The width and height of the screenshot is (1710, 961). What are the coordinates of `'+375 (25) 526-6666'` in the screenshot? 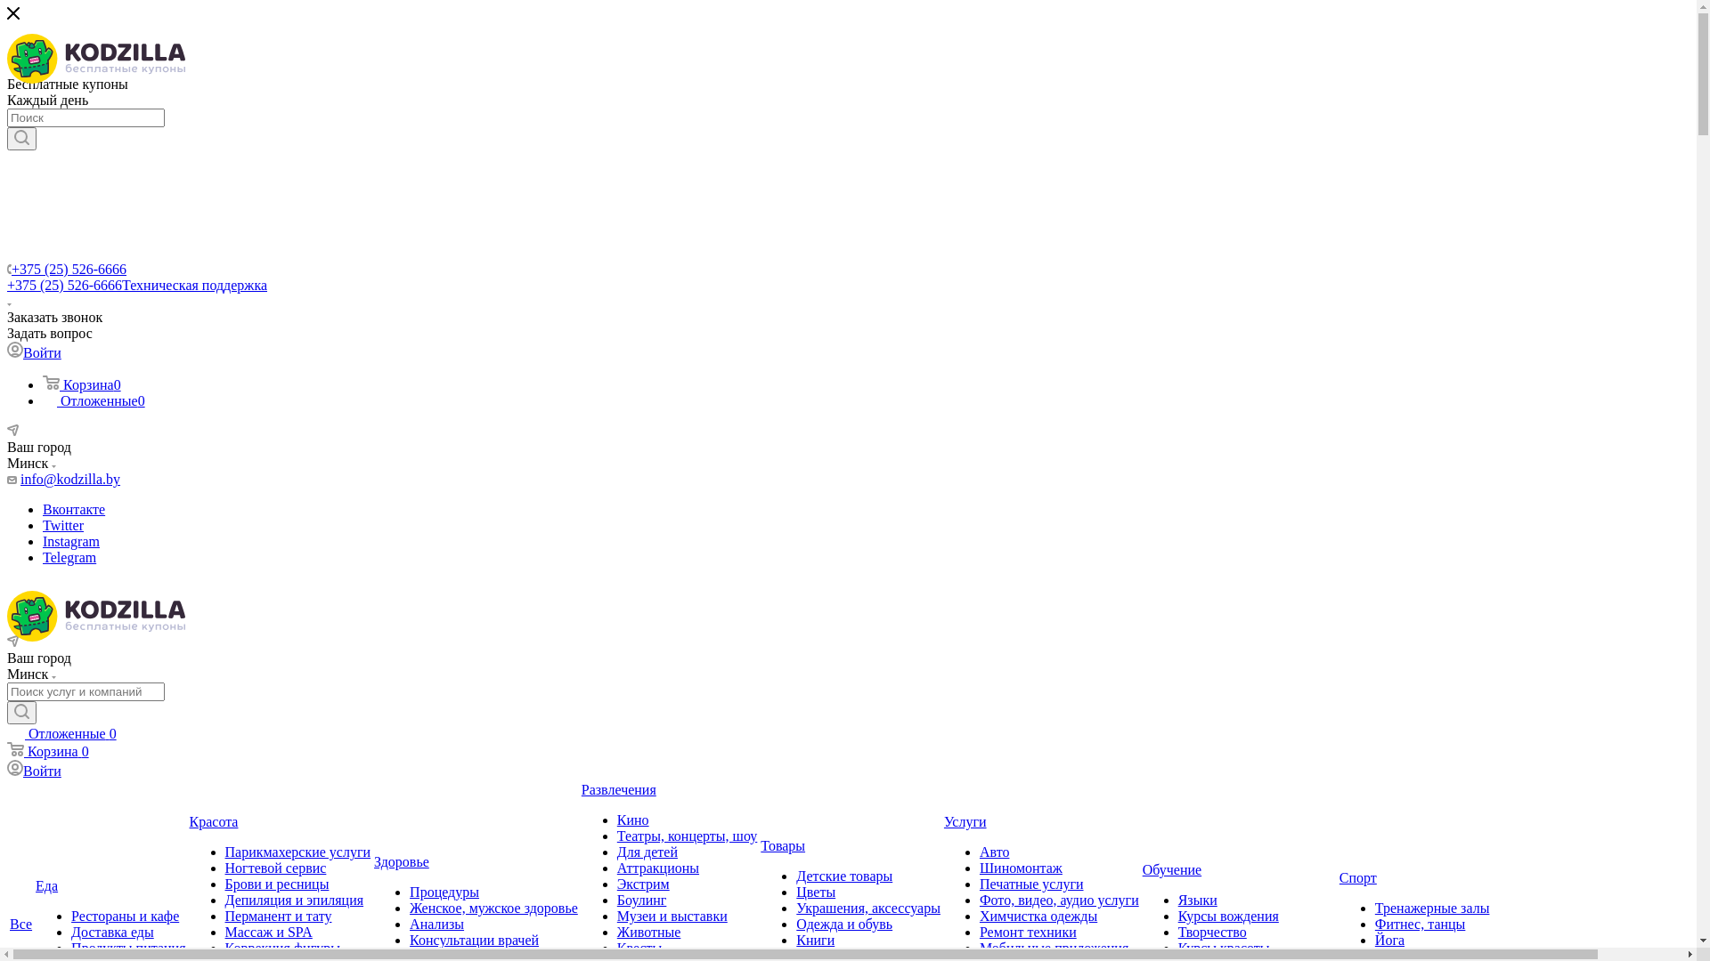 It's located at (69, 269).